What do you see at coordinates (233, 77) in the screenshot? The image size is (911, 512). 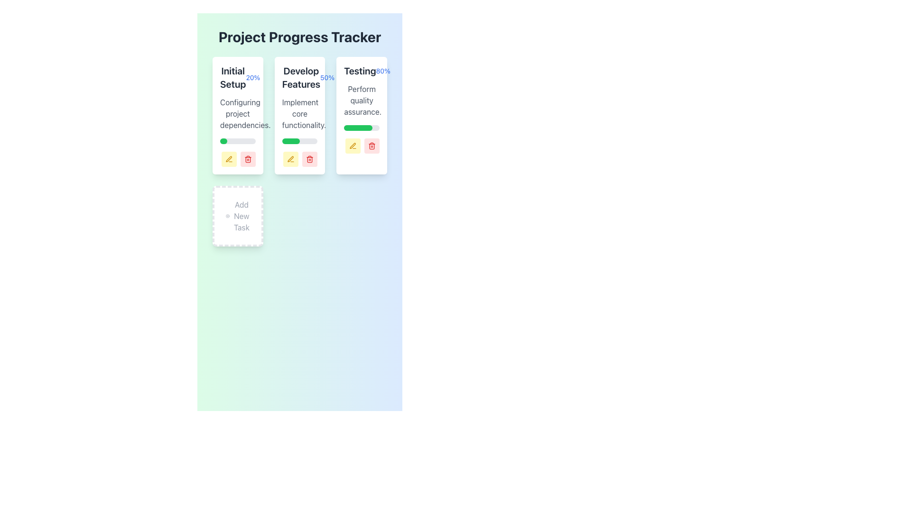 I see `text of the title Text Label for the first task card in the main progress tracker layout, which is positioned to the left of a smaller text stating '20%'` at bounding box center [233, 77].